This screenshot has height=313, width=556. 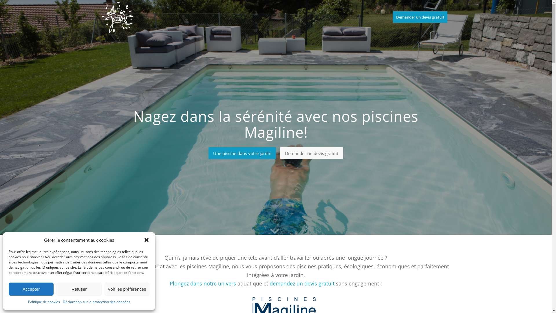 What do you see at coordinates (203, 283) in the screenshot?
I see `'Plongez dans notre univers'` at bounding box center [203, 283].